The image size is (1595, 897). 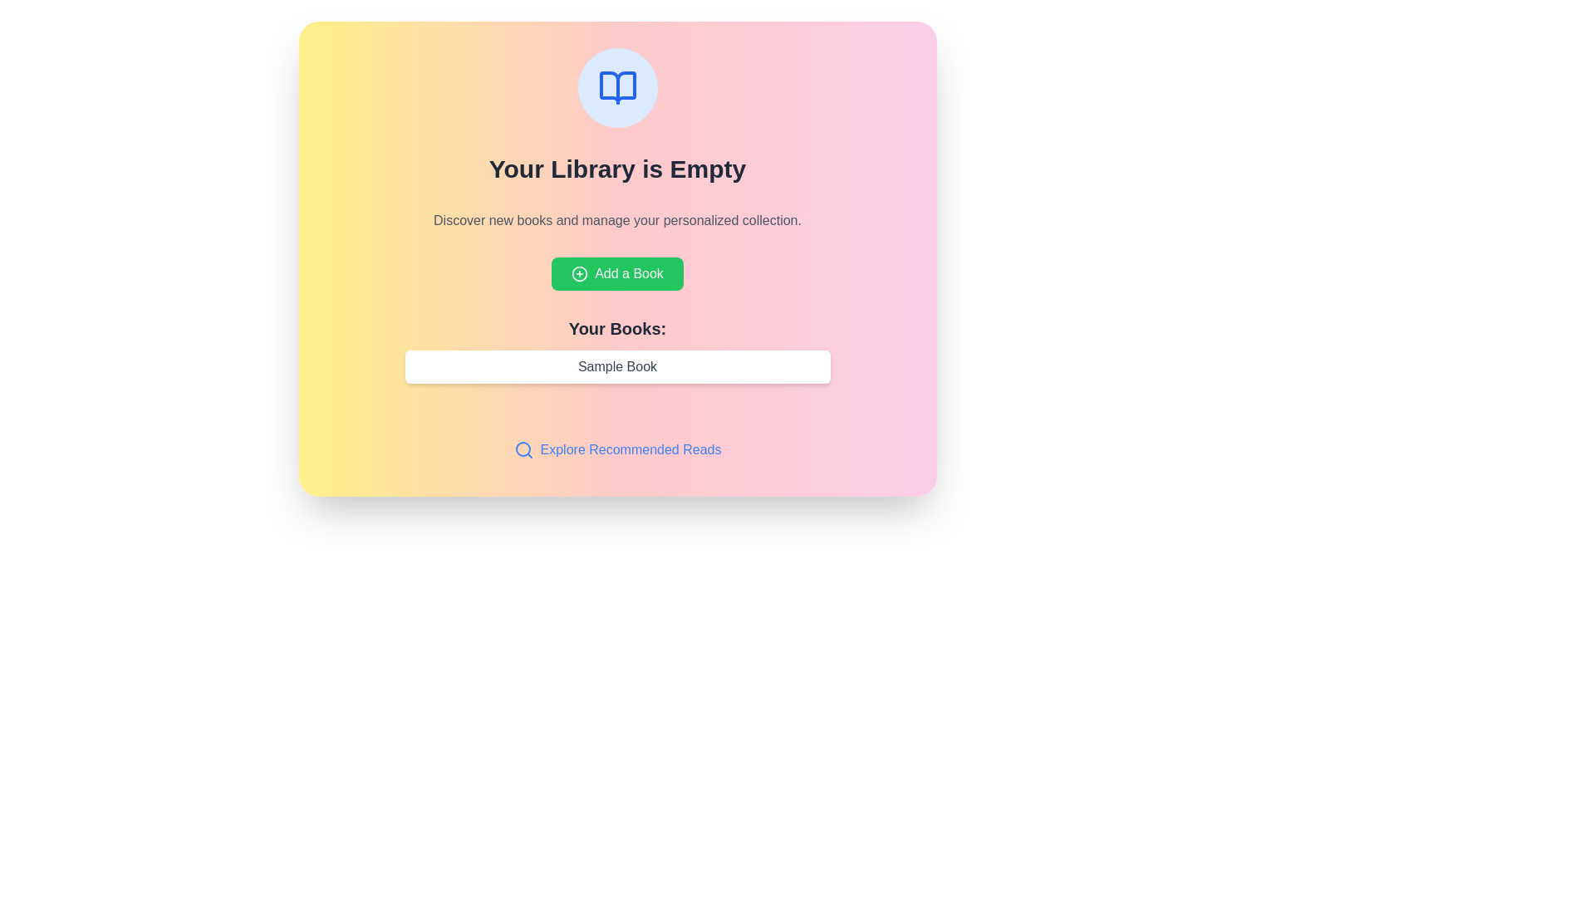 What do you see at coordinates (616, 87) in the screenshot?
I see `the blue book icon which is centered at the top of a pastel-colored card section, featuring a circular blue background` at bounding box center [616, 87].